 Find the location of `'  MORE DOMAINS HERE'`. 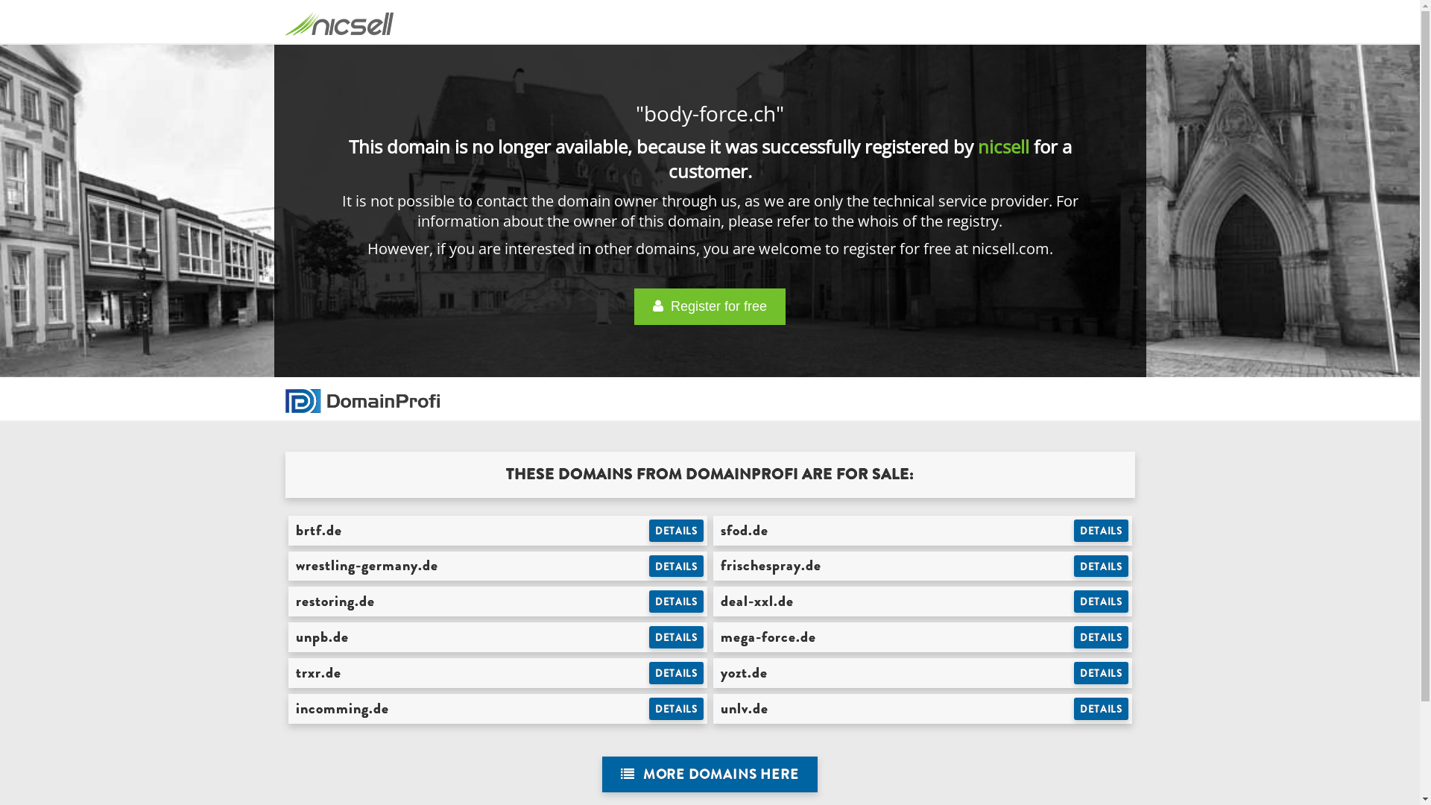

'  MORE DOMAINS HERE' is located at coordinates (601, 774).